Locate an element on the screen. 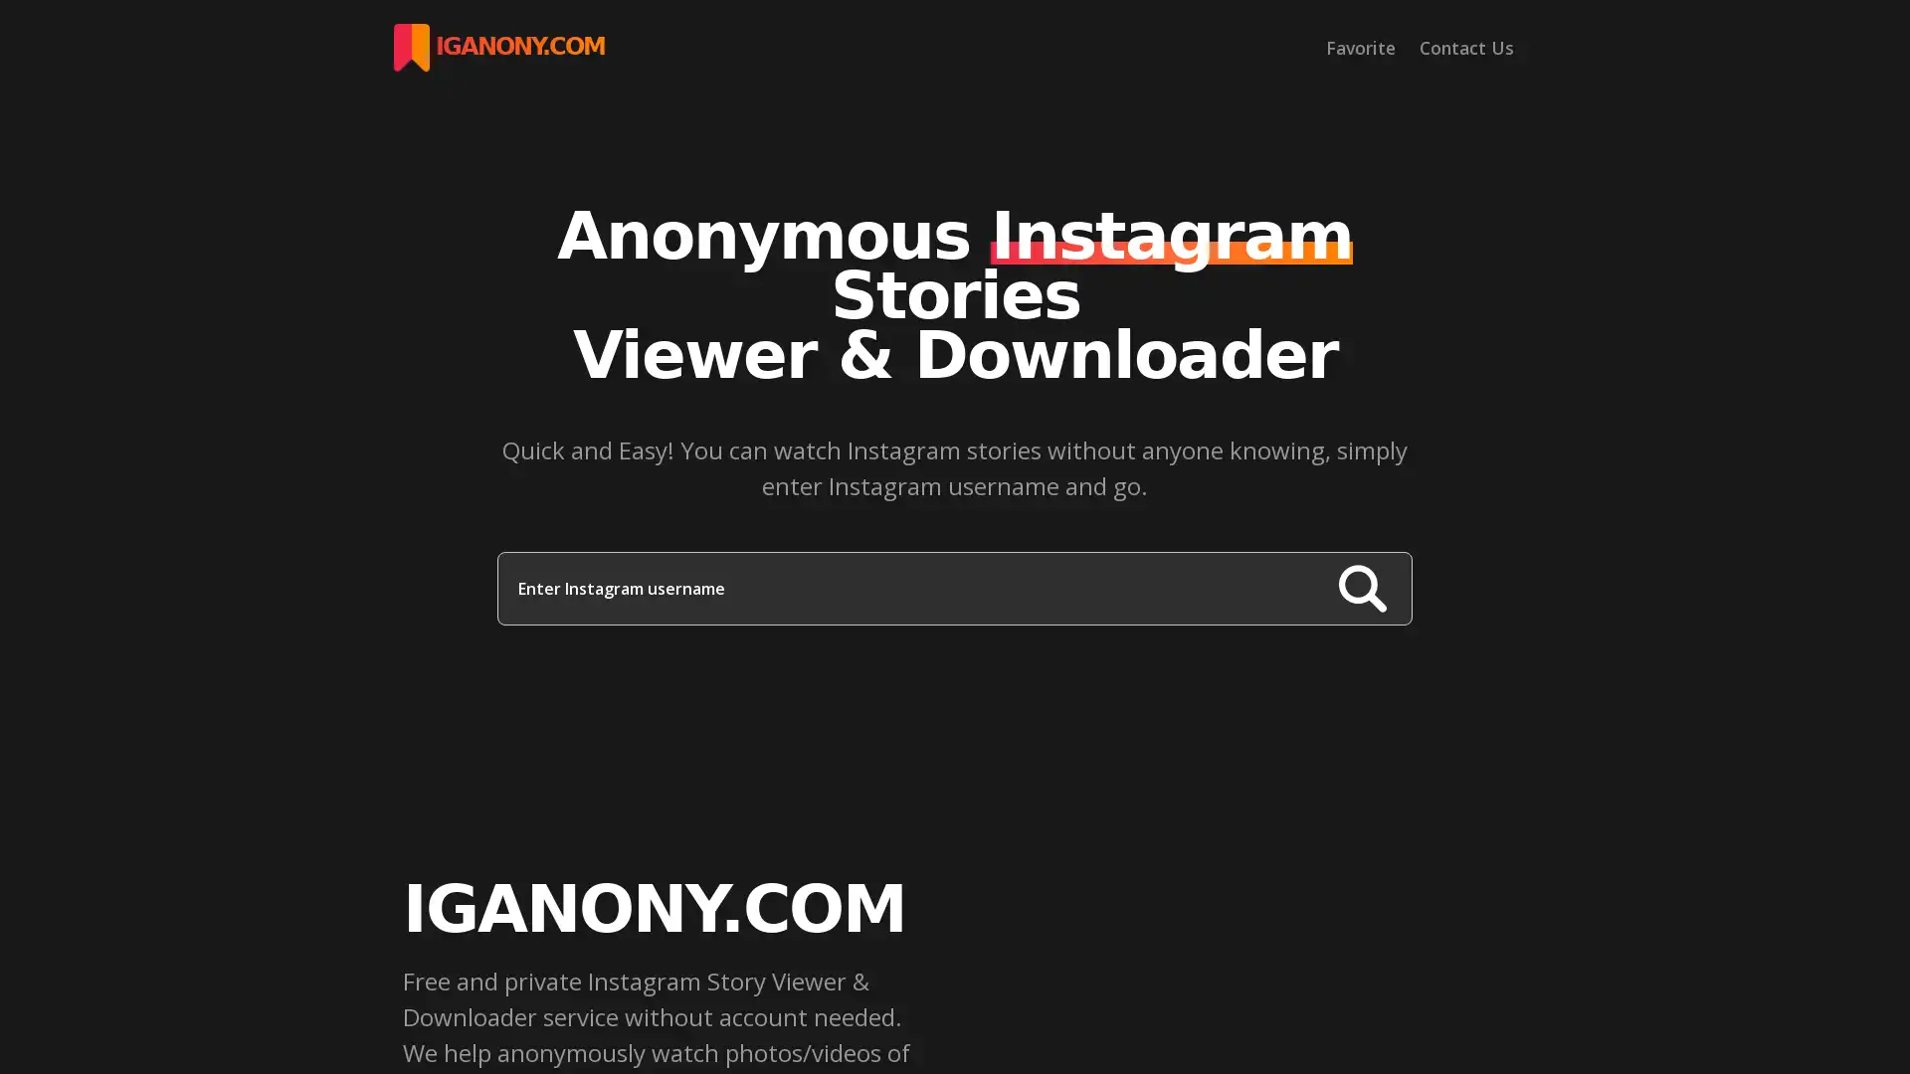  Search is located at coordinates (1361, 587).